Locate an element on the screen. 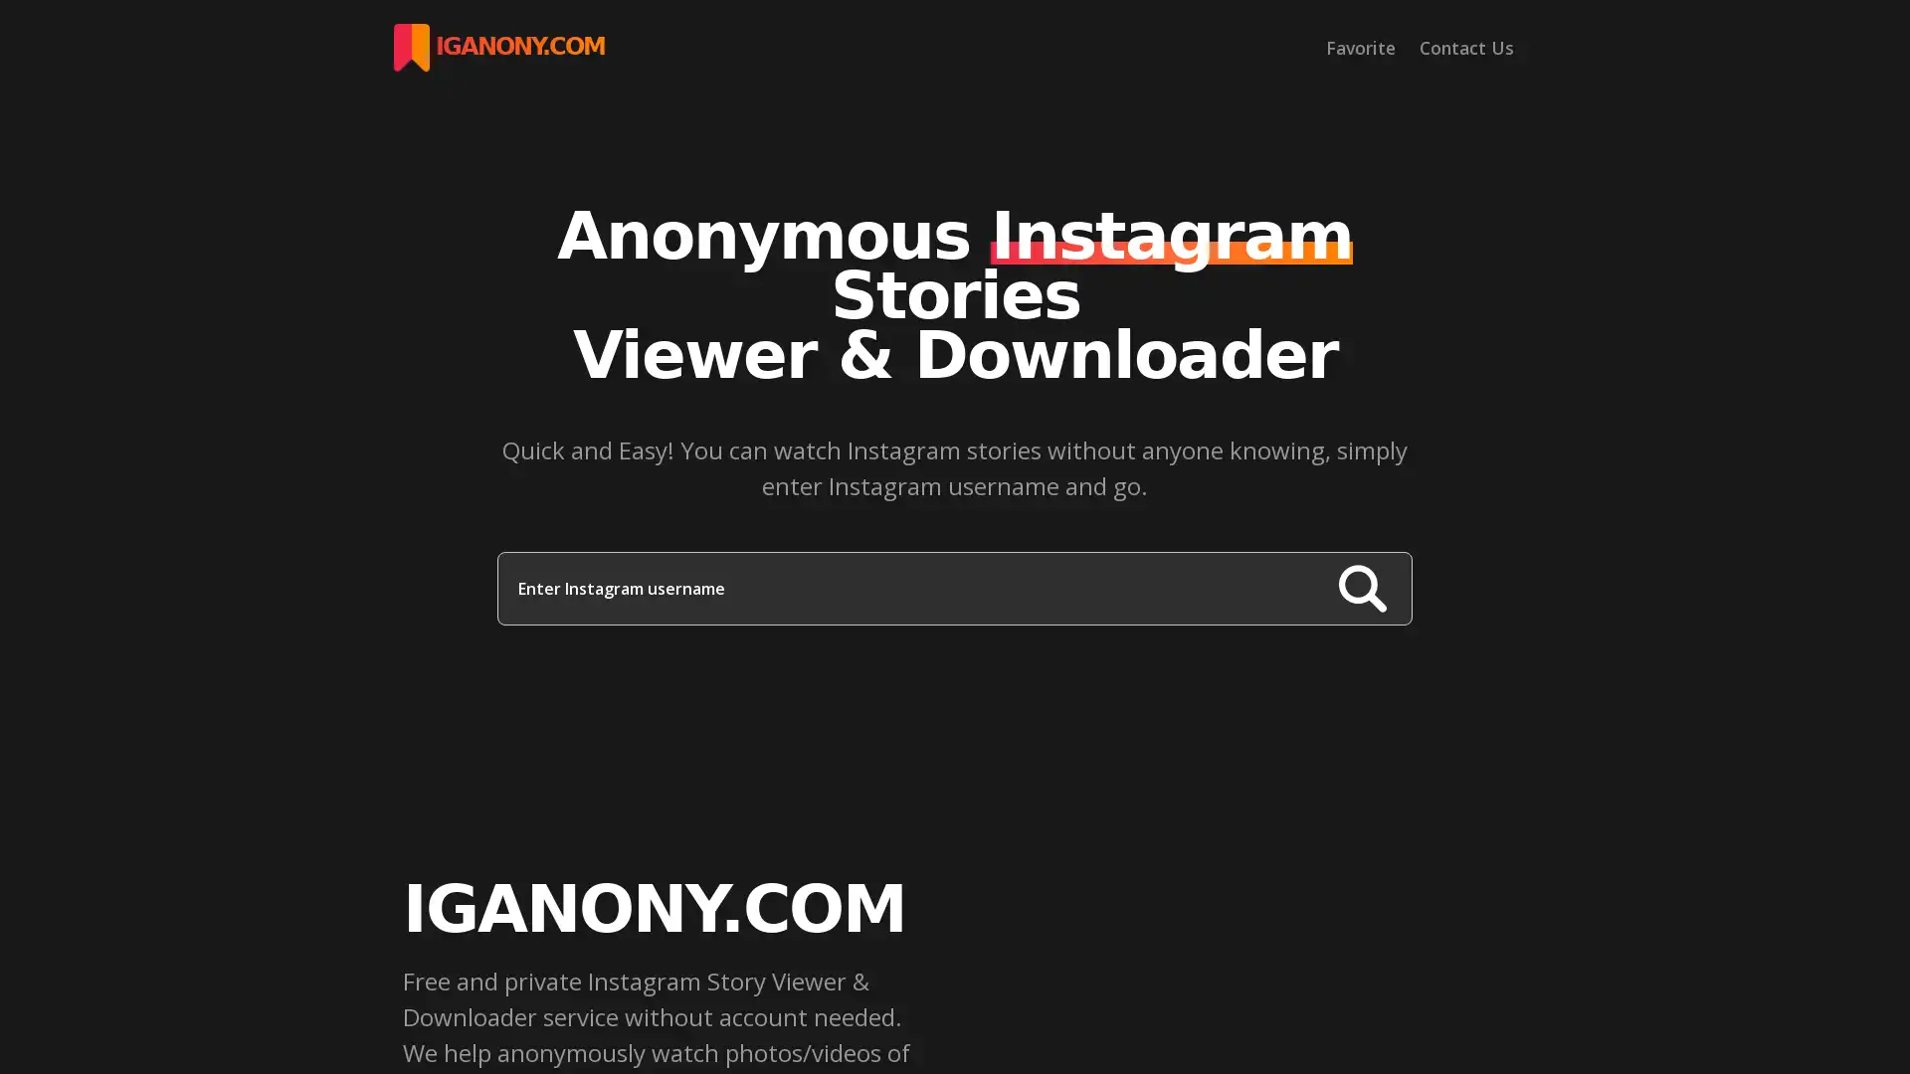  Search is located at coordinates (1361, 587).